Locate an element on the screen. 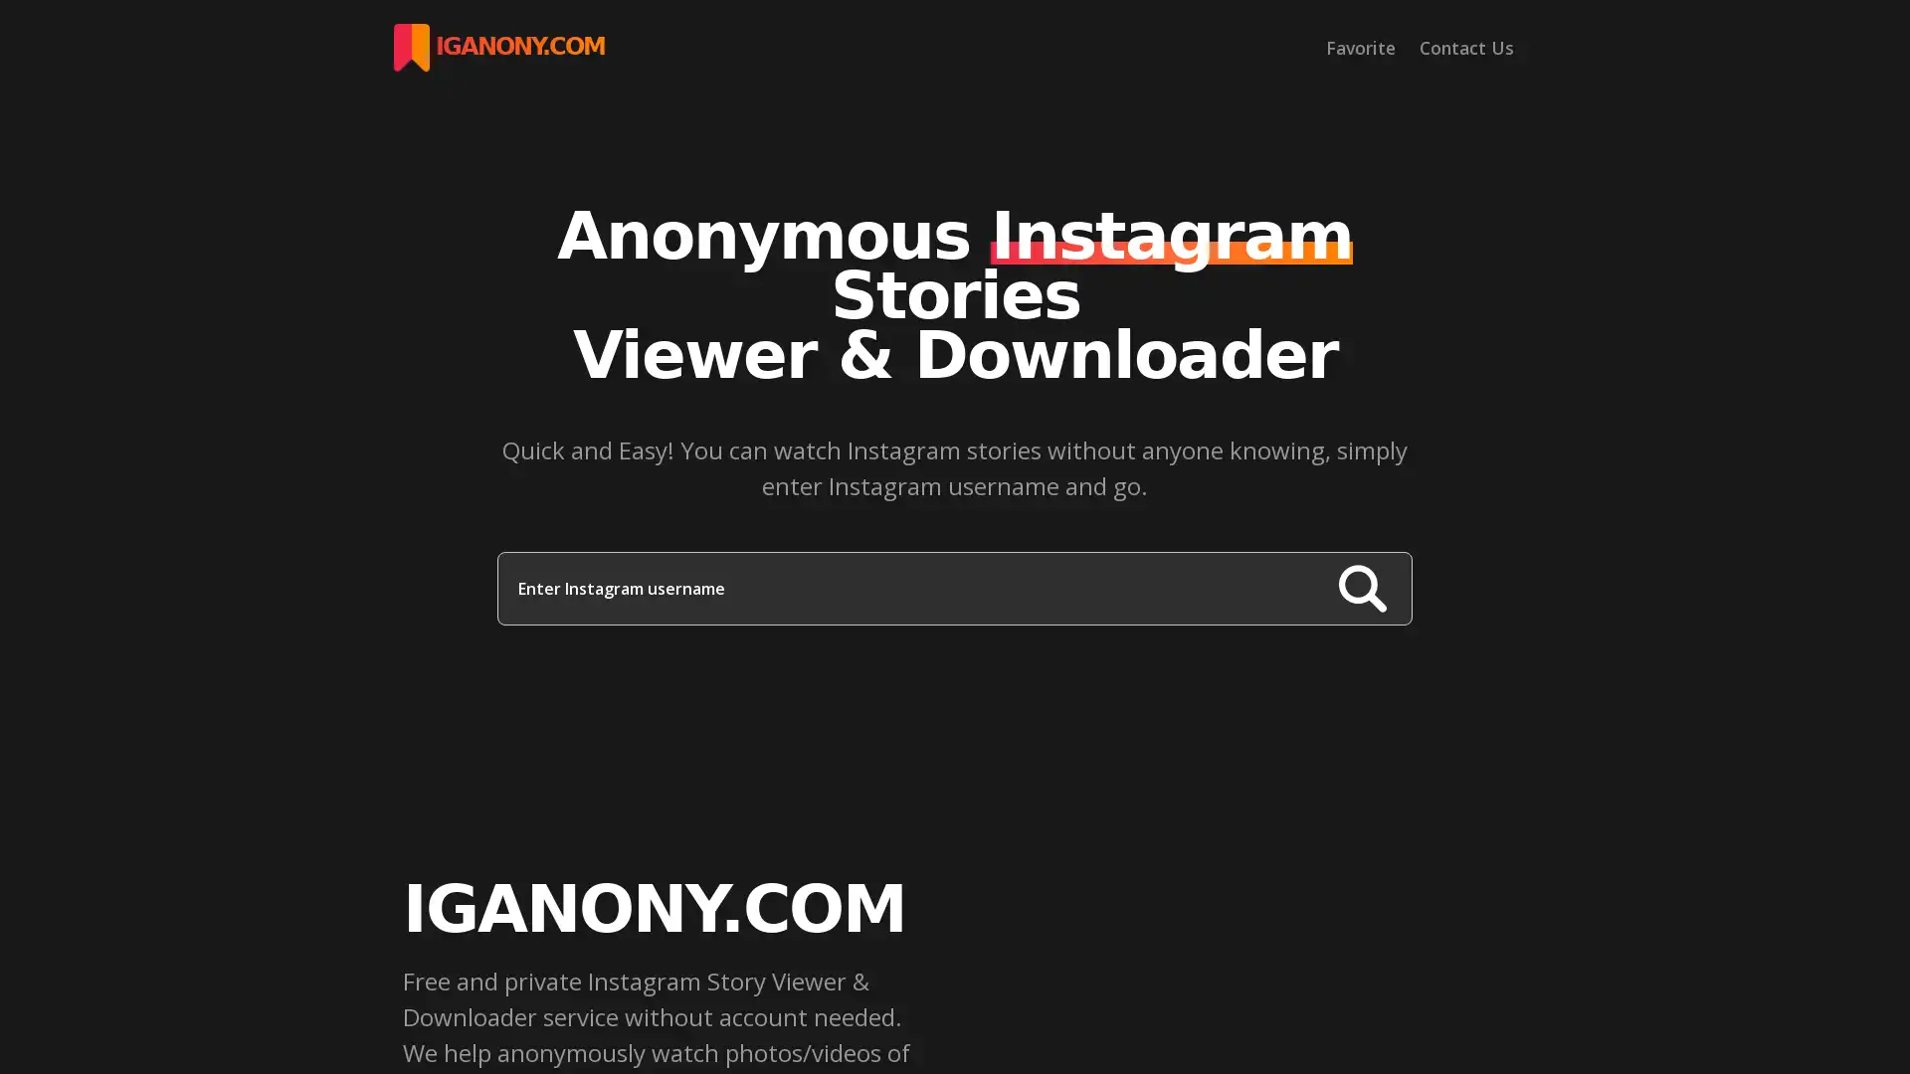  Search is located at coordinates (1361, 587).